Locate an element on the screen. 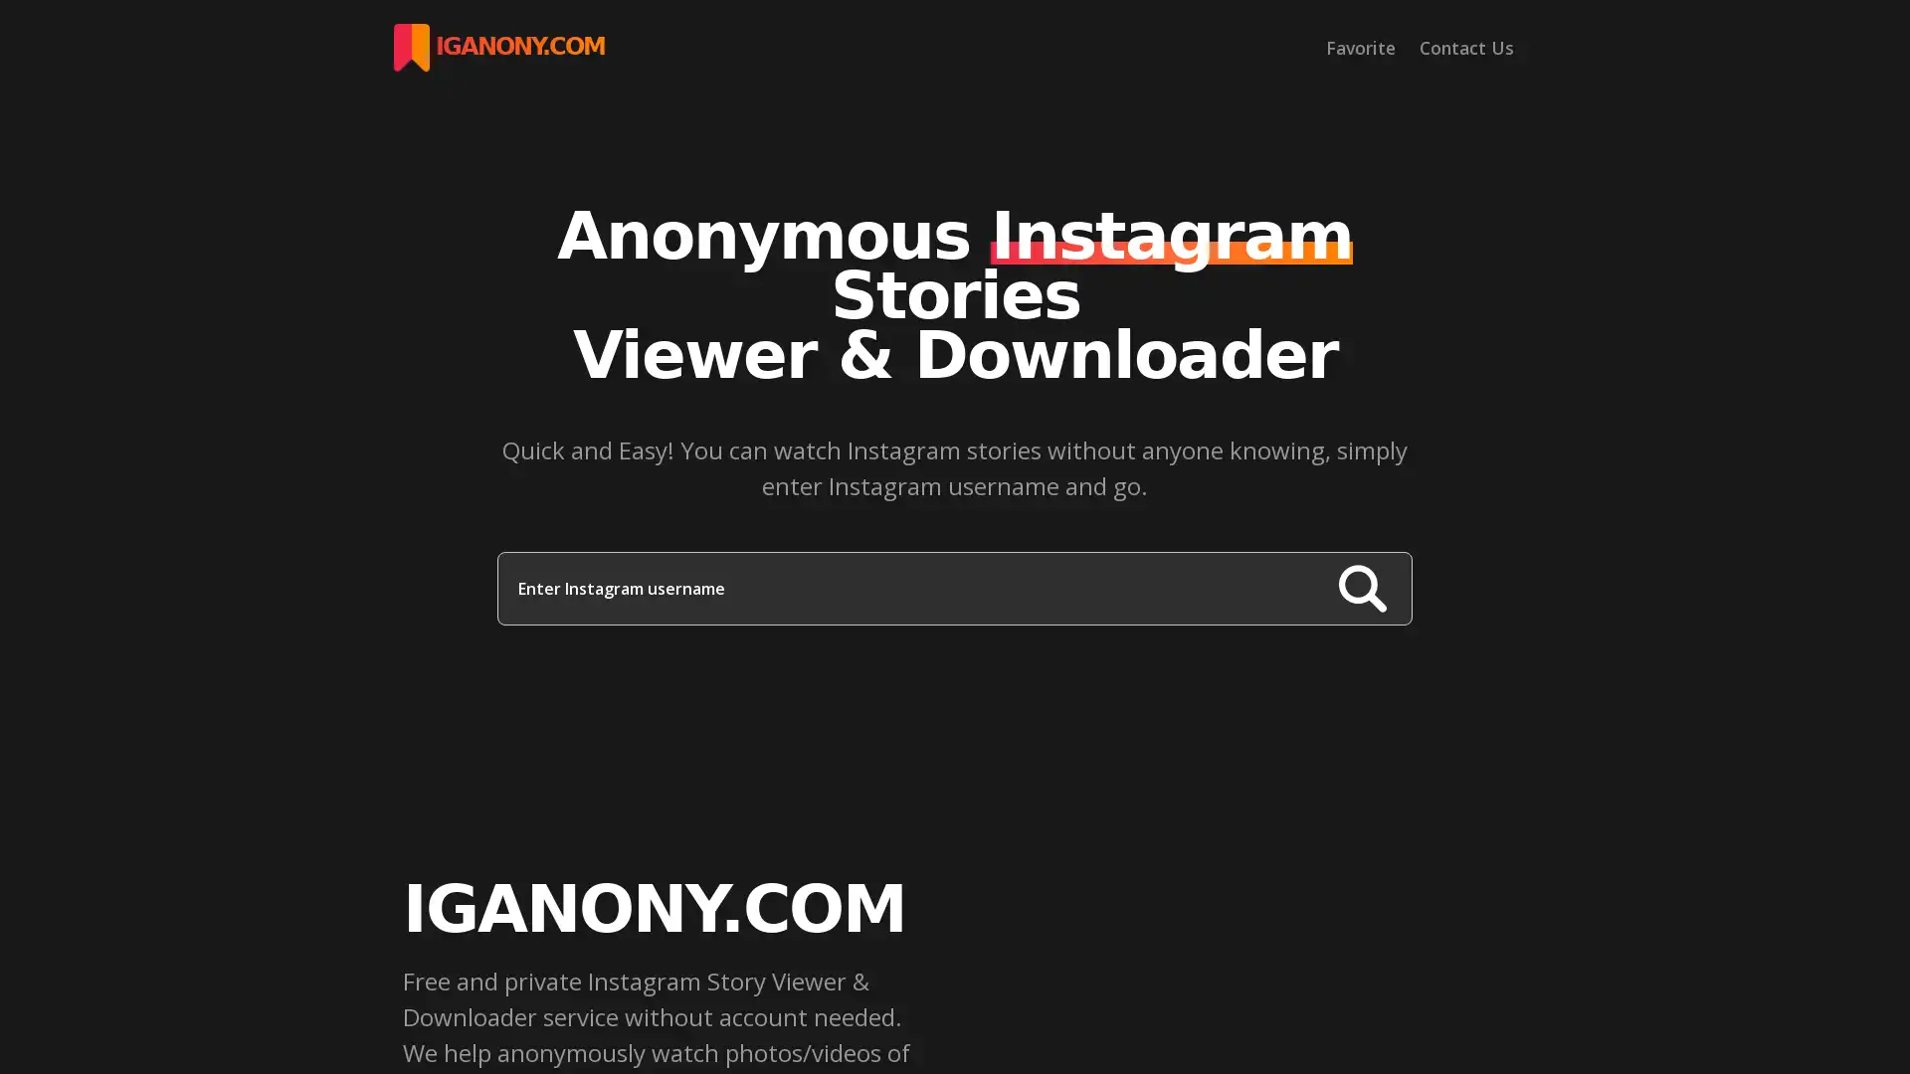  Search is located at coordinates (1361, 587).